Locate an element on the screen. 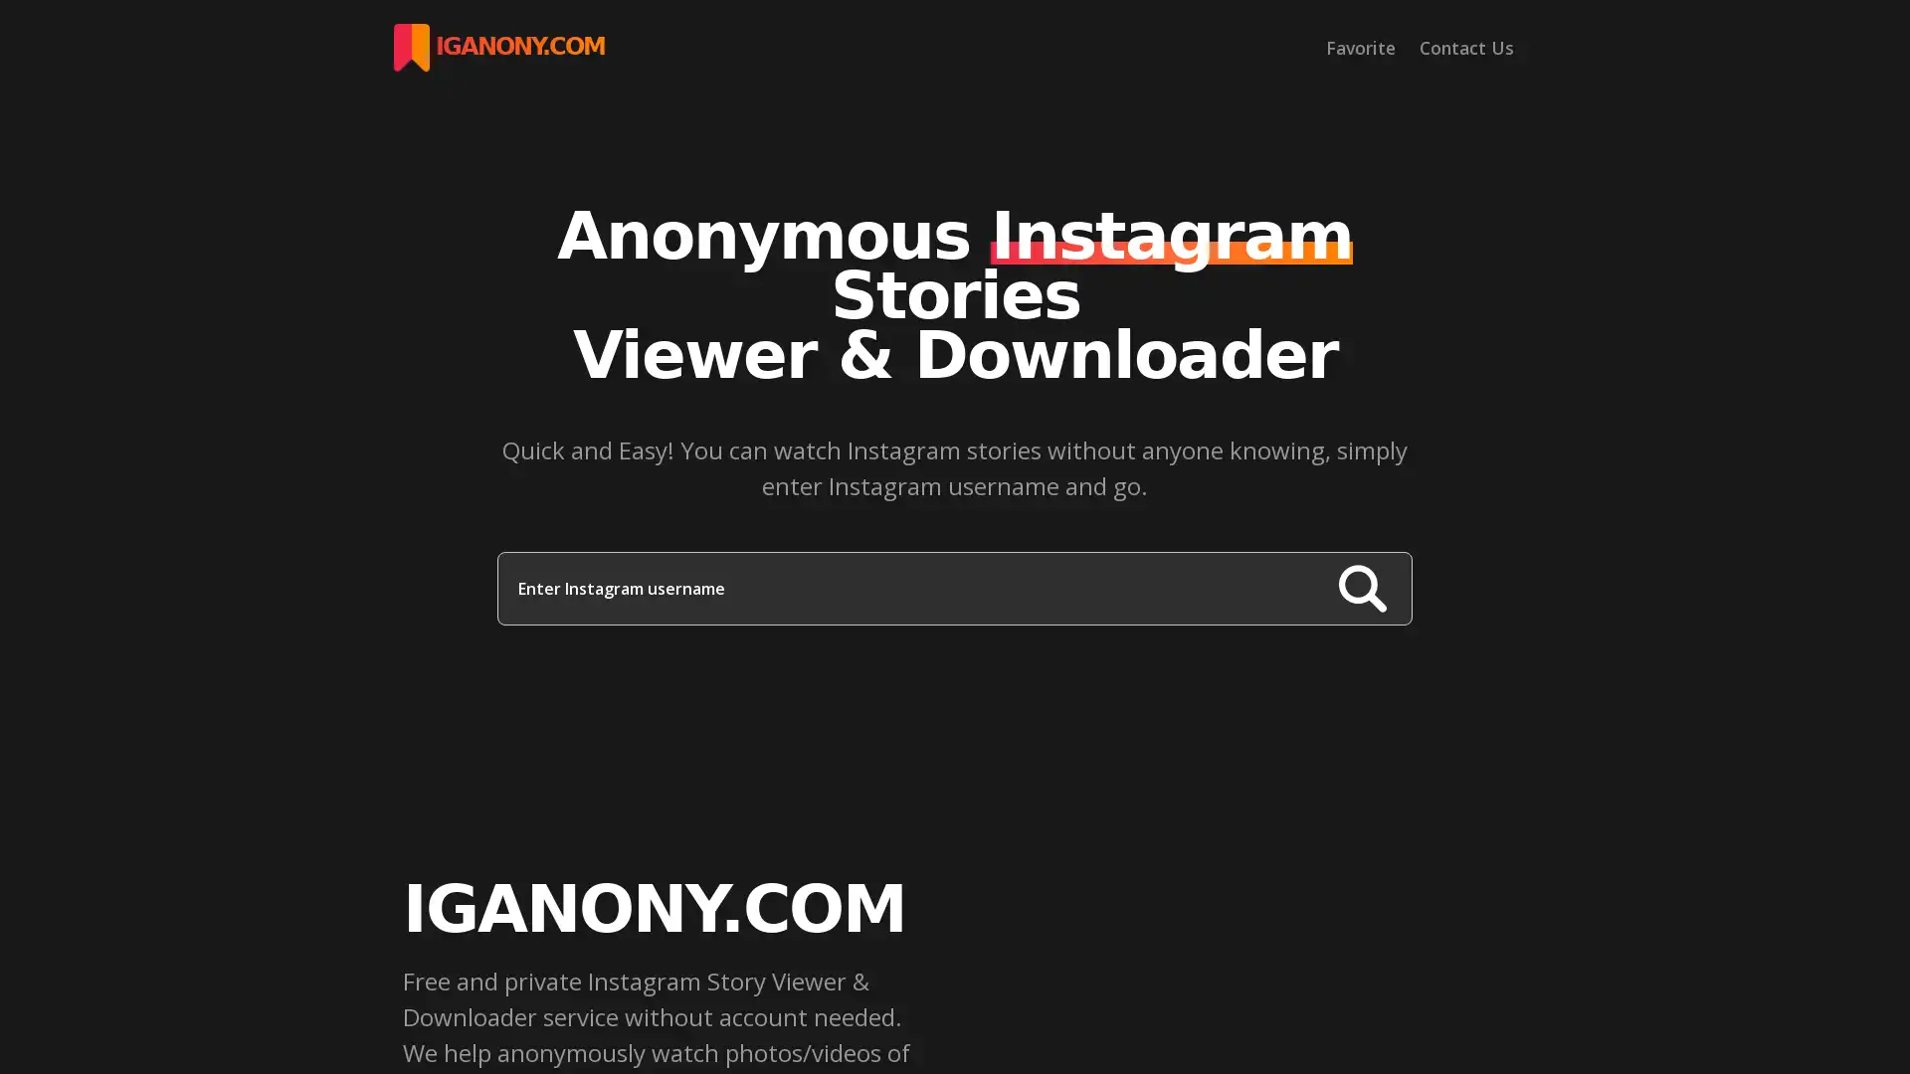  Search is located at coordinates (1361, 587).